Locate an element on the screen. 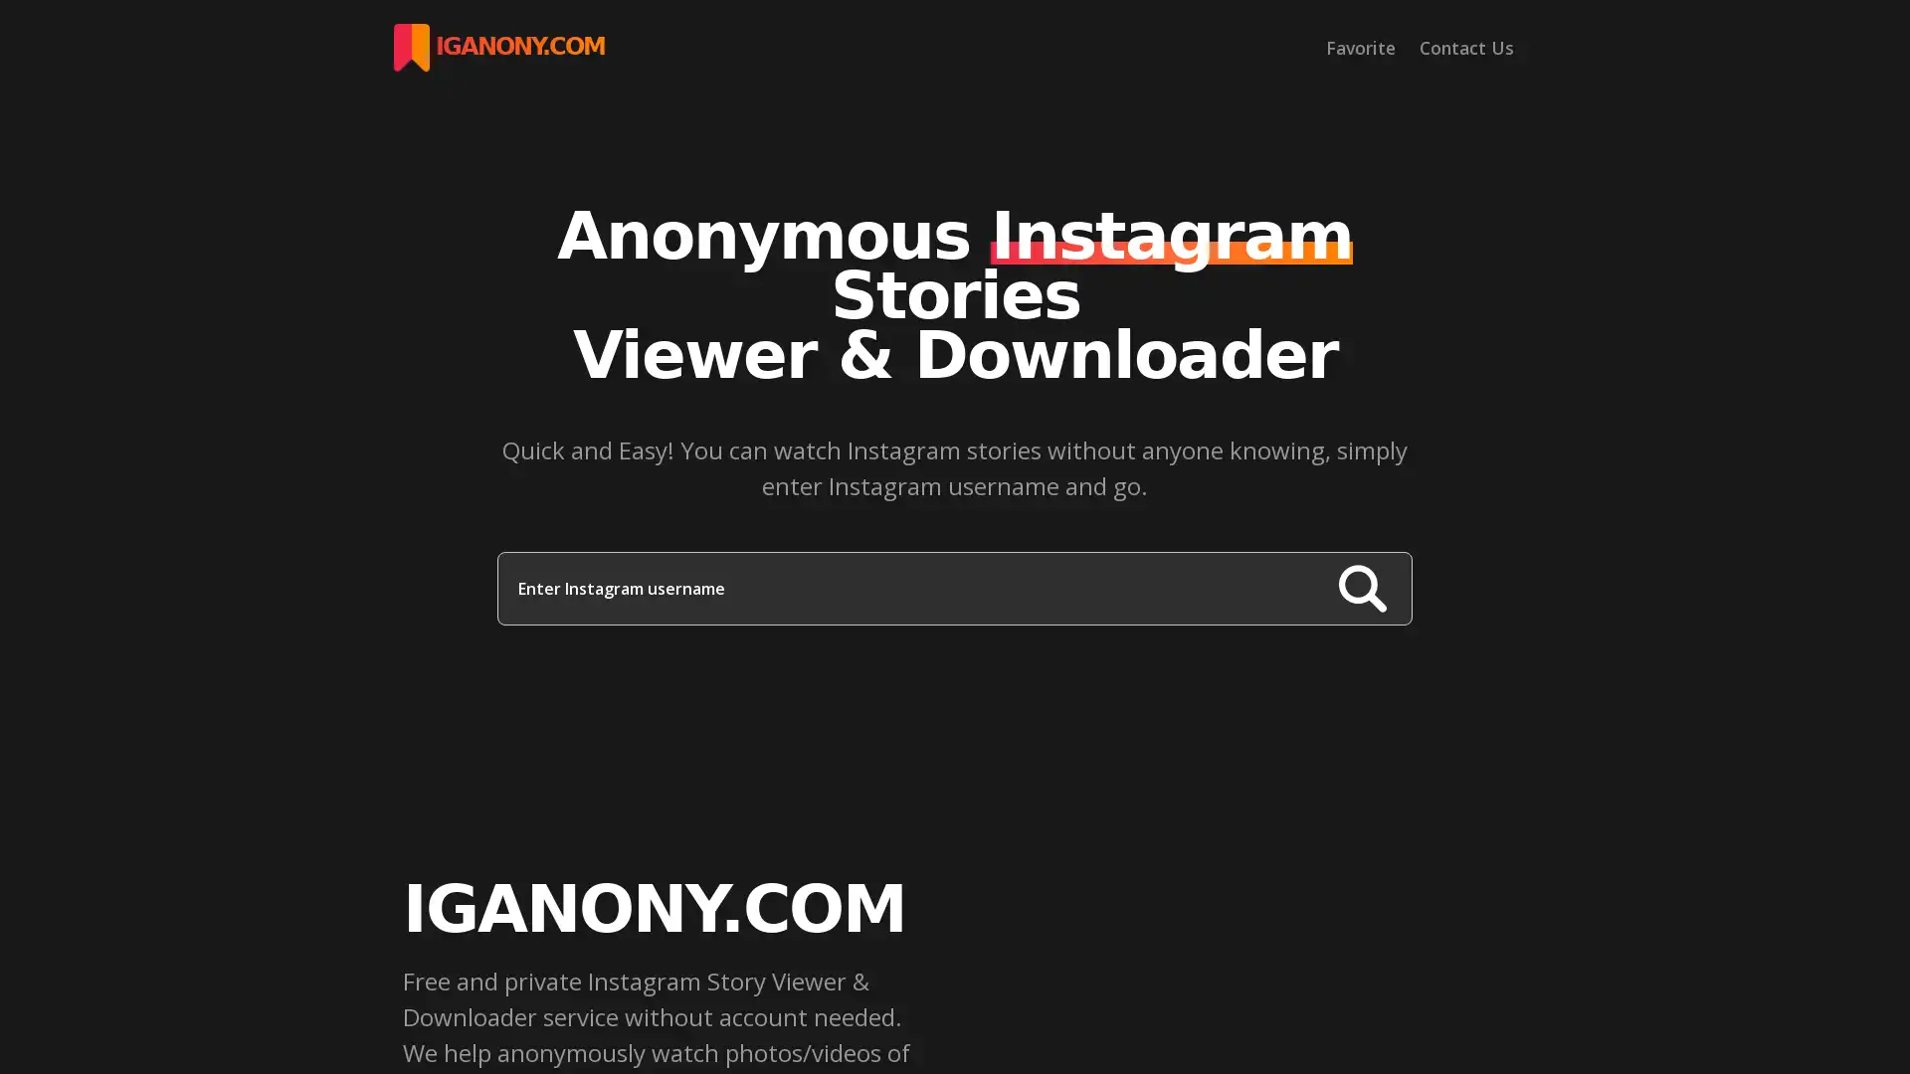  Search is located at coordinates (1361, 587).